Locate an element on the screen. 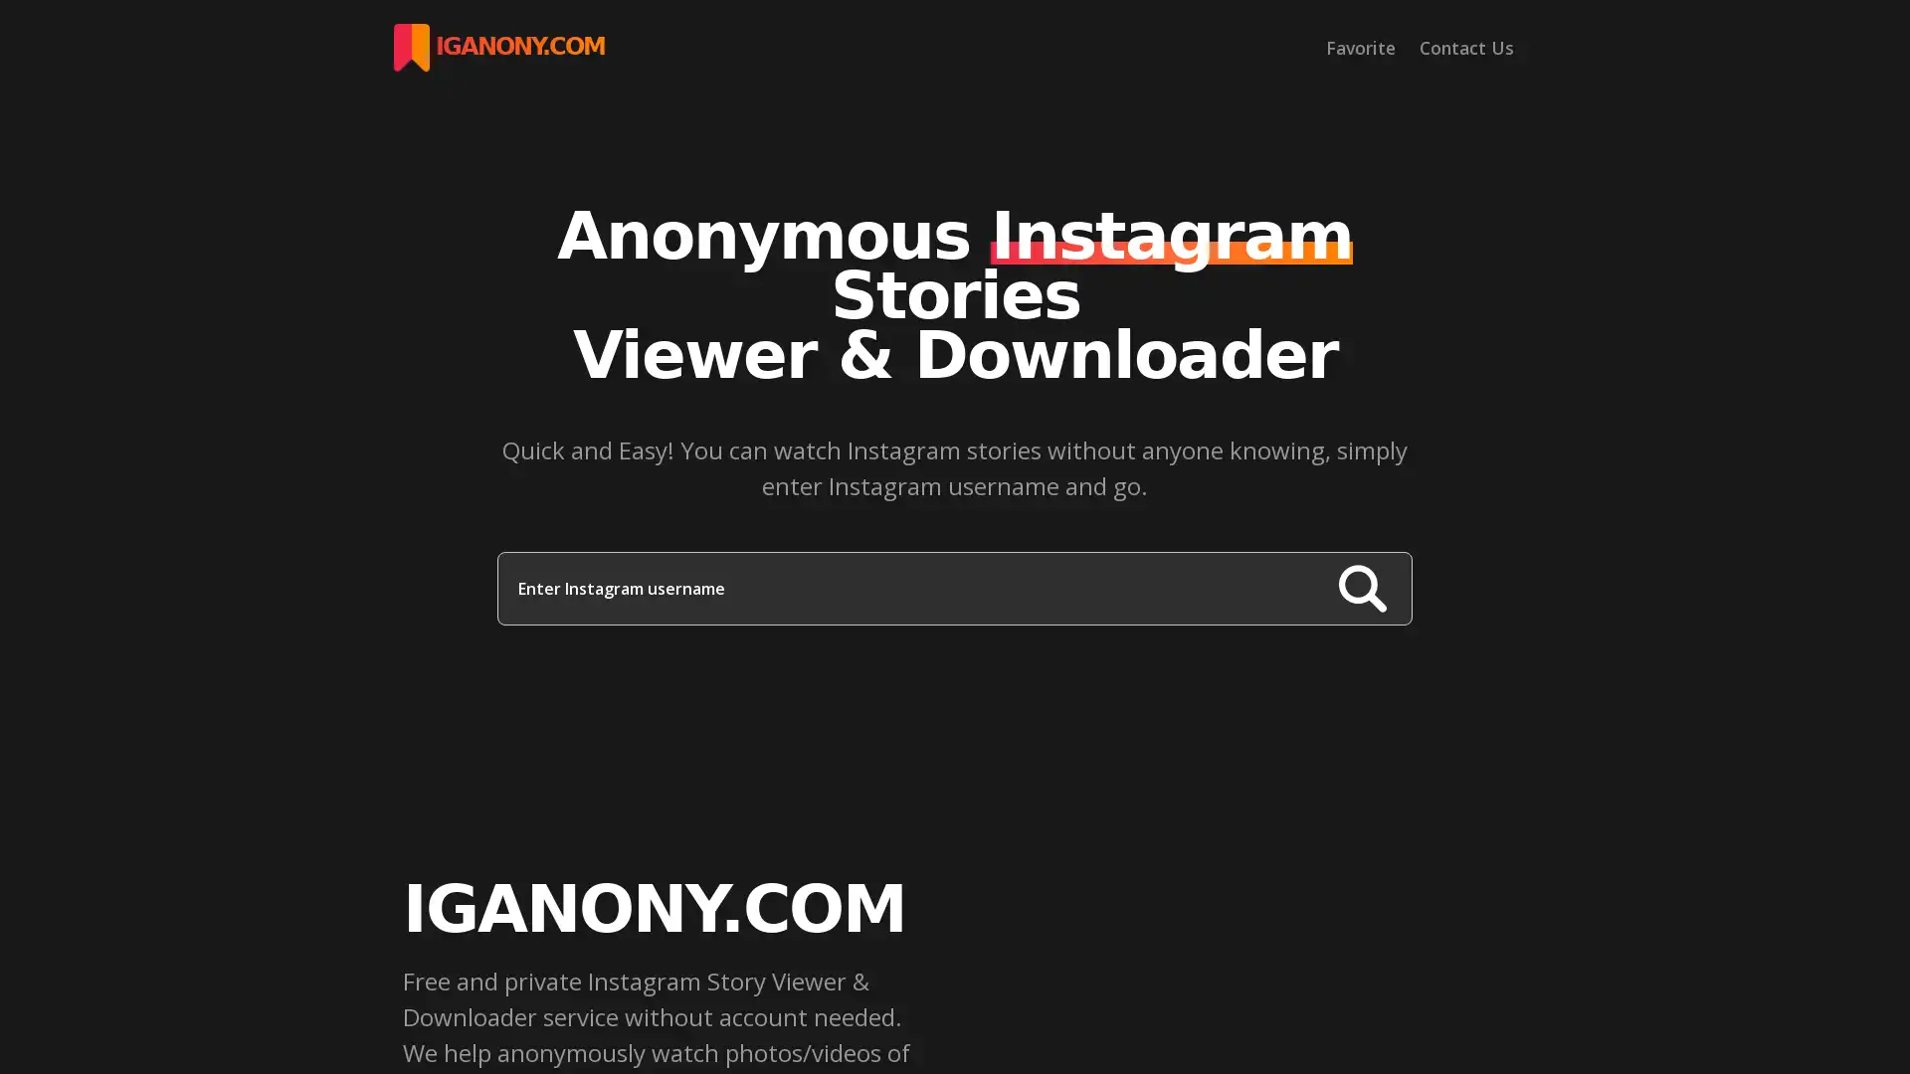  Search is located at coordinates (1361, 587).